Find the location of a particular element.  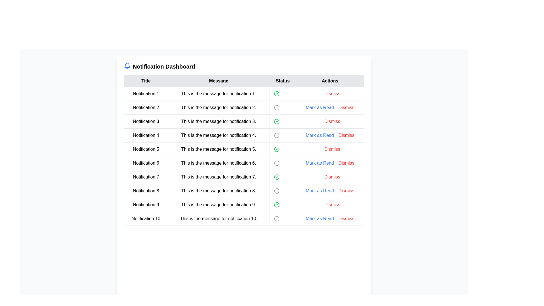

the minimalistic gray SVG circle status indicator in the 'Status' column corresponding to 'Notification 4' is located at coordinates (277, 135).